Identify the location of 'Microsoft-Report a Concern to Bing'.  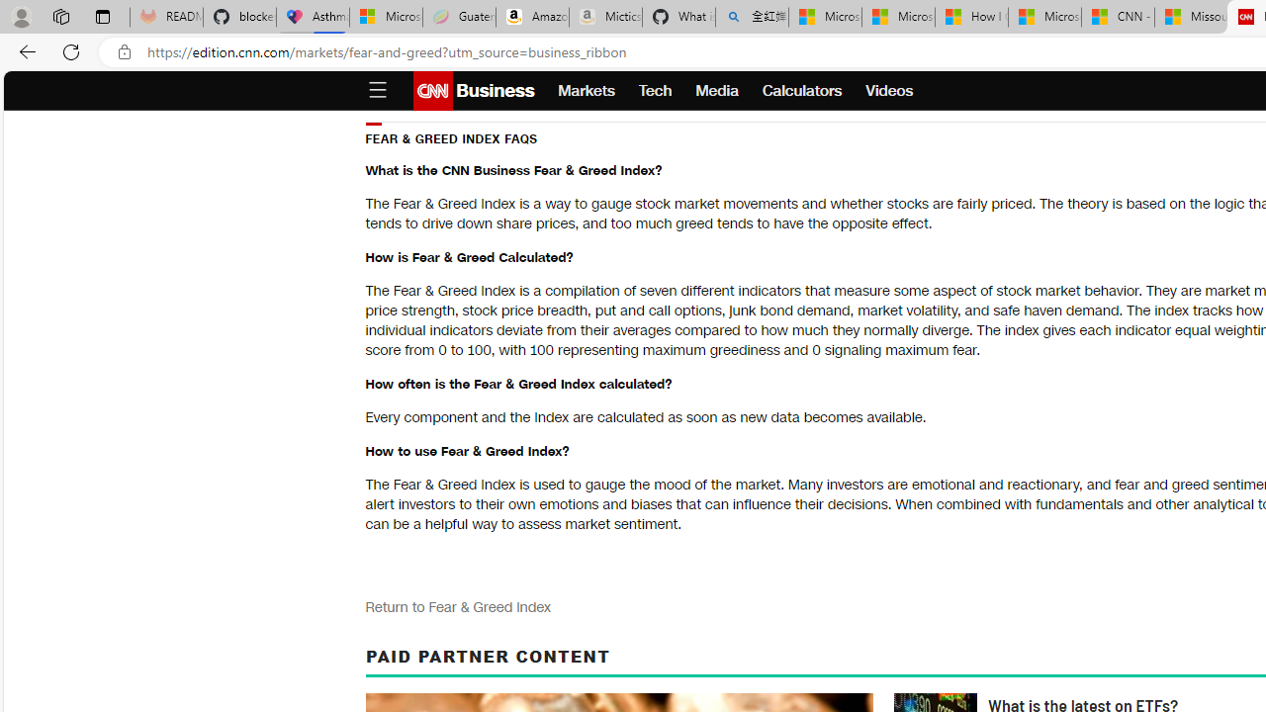
(387, 17).